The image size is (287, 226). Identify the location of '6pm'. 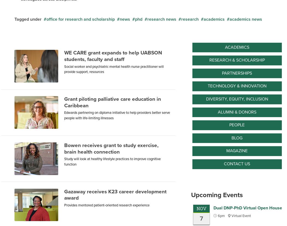
(221, 215).